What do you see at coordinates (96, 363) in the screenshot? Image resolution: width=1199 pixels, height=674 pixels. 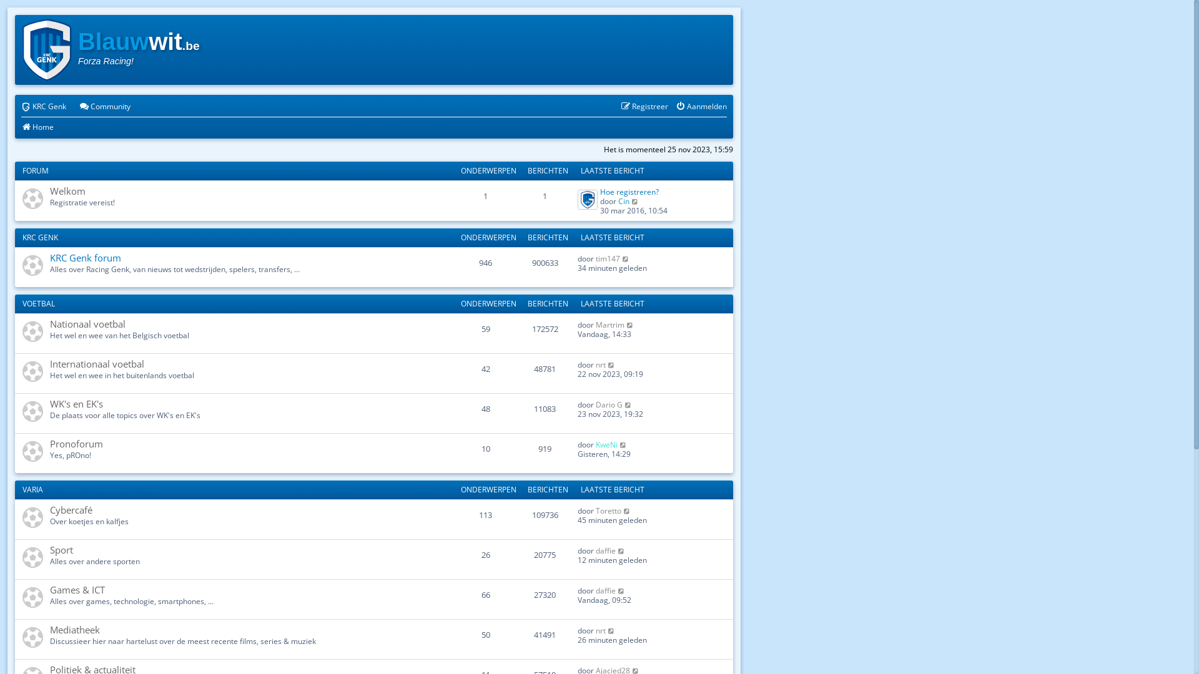 I see `'Internationaal voetbal'` at bounding box center [96, 363].